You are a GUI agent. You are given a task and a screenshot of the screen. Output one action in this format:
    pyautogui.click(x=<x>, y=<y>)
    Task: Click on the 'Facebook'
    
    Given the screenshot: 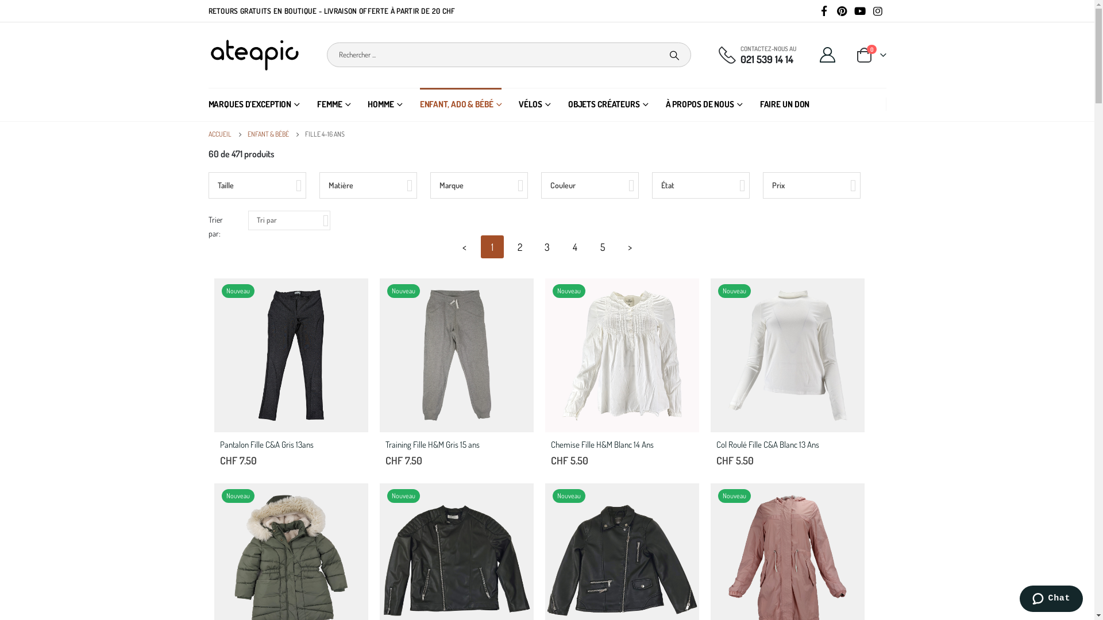 What is the action you would take?
    pyautogui.click(x=823, y=11)
    